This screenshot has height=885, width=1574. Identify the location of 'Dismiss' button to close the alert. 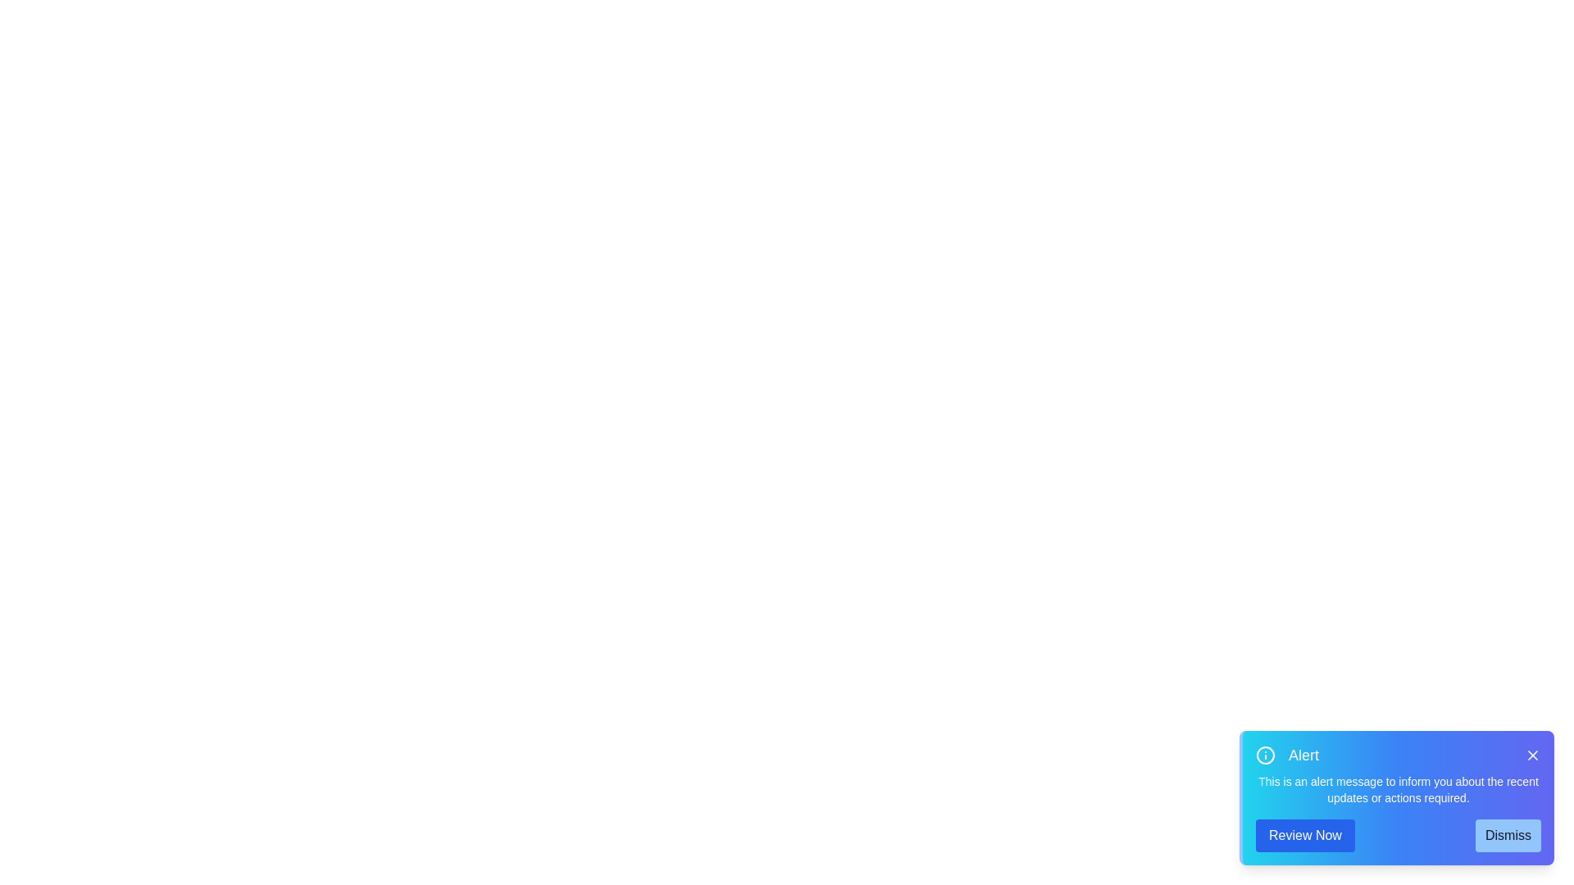
(1508, 835).